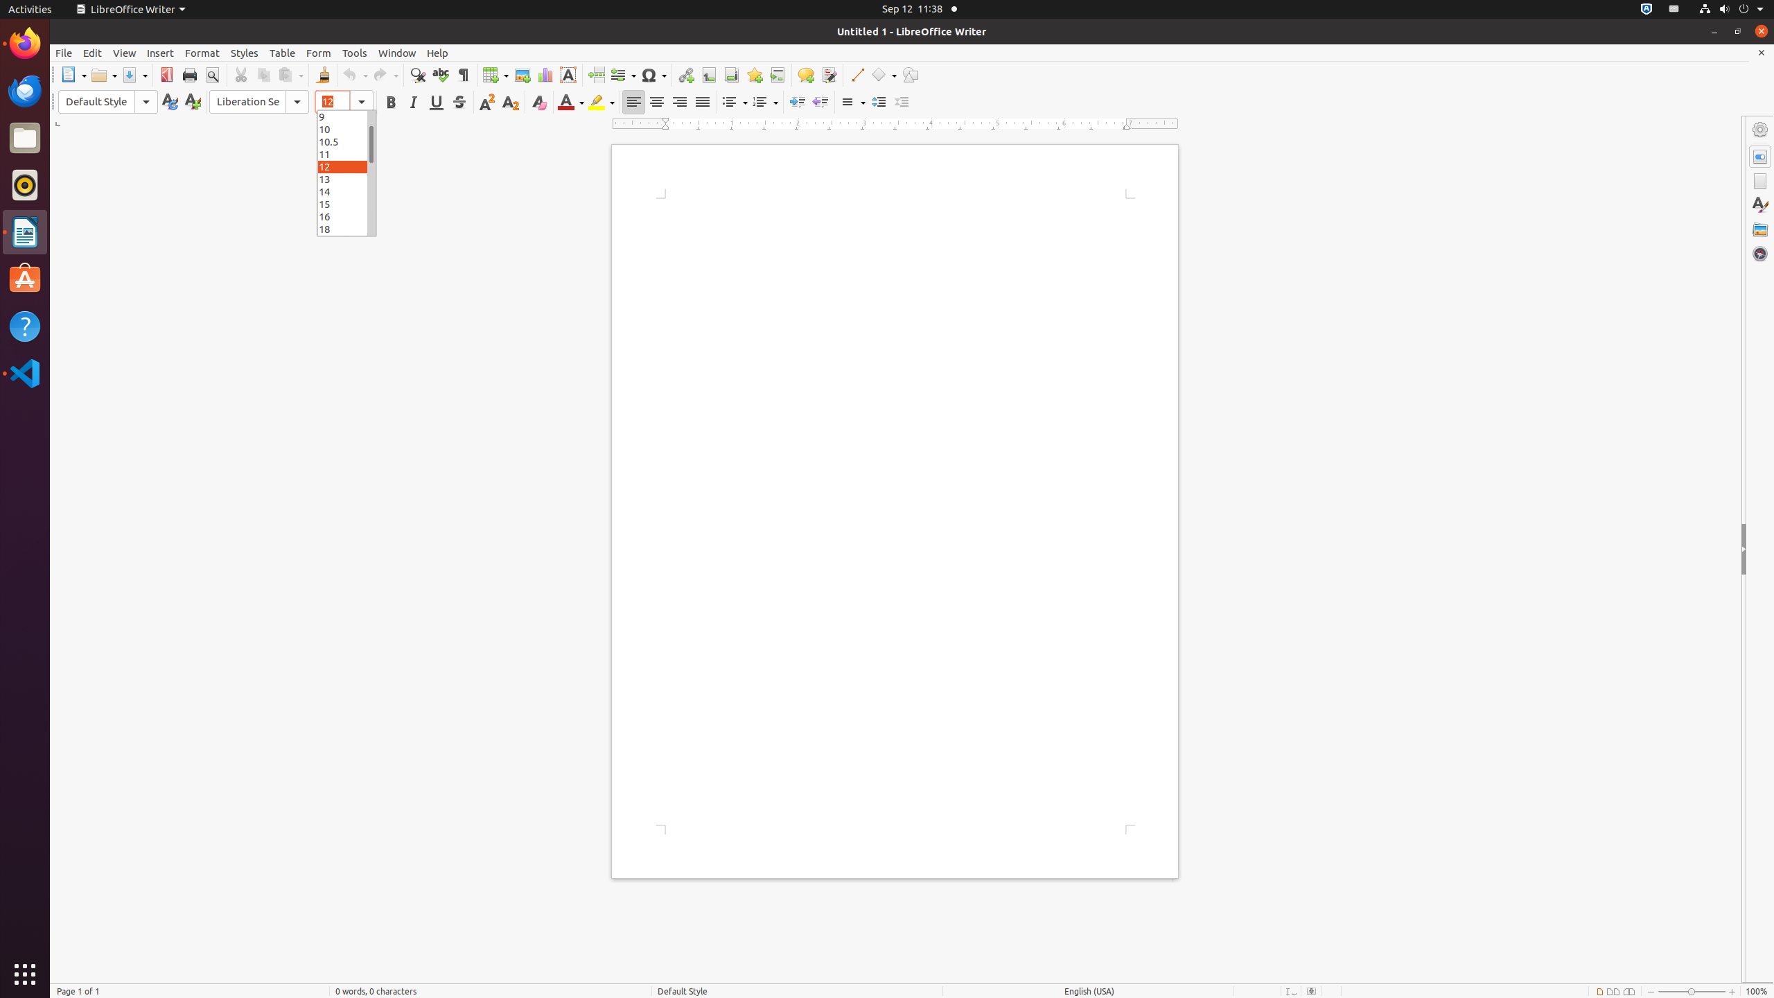 This screenshot has width=1774, height=998. What do you see at coordinates (25, 372) in the screenshot?
I see `'Visual Studio Code'` at bounding box center [25, 372].